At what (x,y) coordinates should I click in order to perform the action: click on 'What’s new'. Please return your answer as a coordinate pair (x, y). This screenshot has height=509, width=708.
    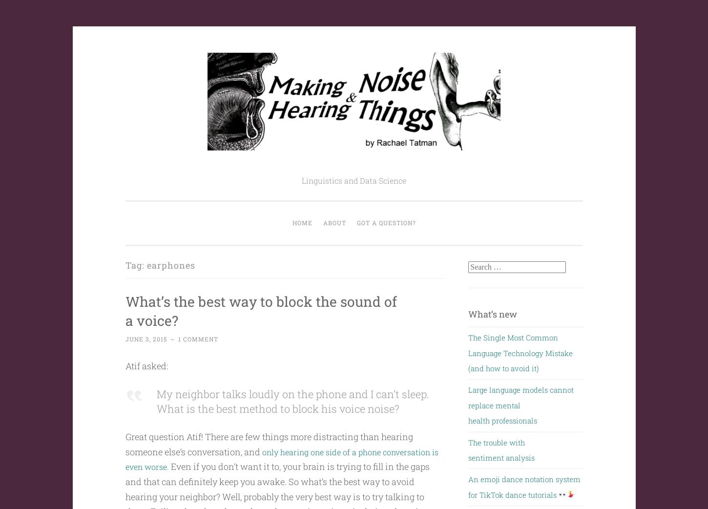
    Looking at the image, I should click on (468, 313).